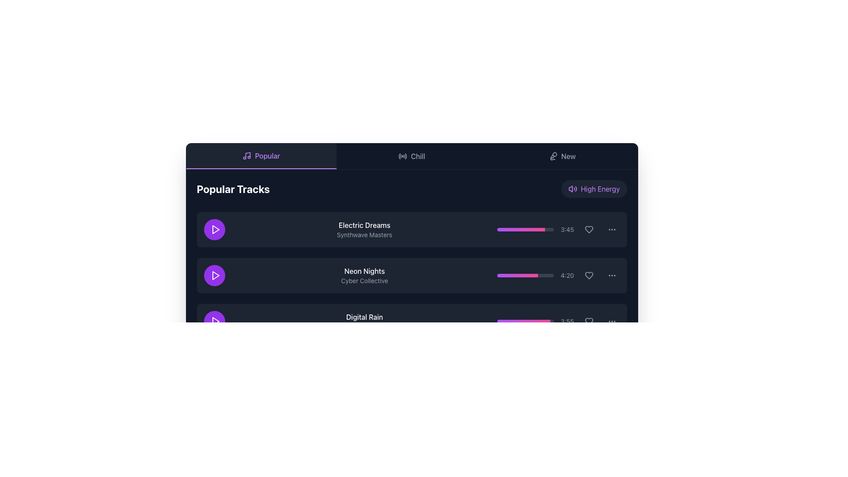  I want to click on the slider value, so click(499, 322).